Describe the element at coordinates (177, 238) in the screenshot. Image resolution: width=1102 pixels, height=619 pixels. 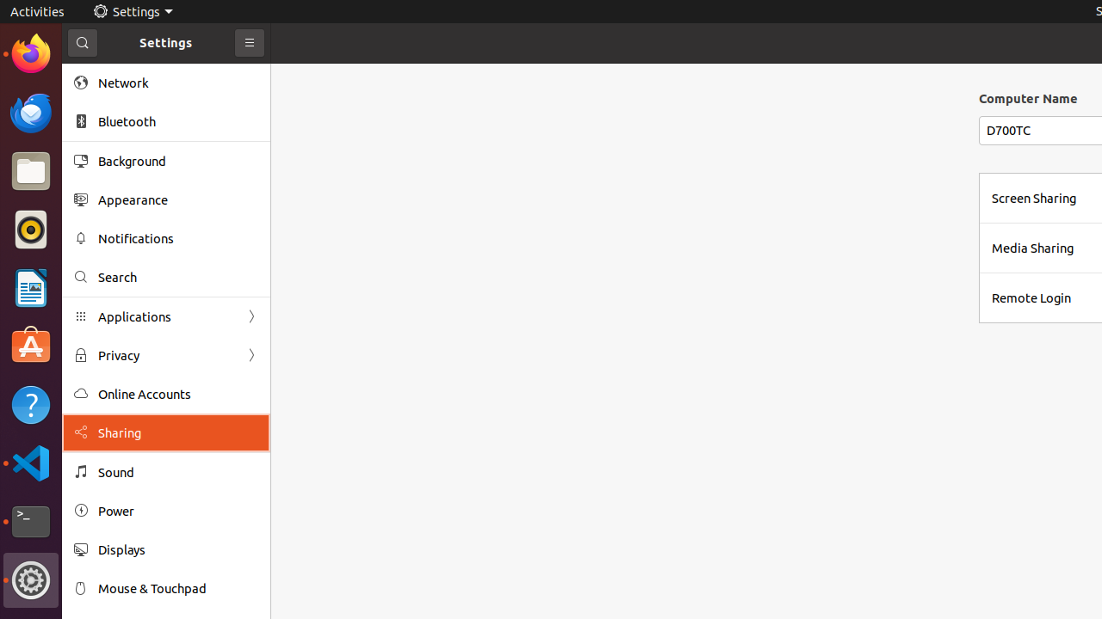
I see `'Notifications'` at that location.